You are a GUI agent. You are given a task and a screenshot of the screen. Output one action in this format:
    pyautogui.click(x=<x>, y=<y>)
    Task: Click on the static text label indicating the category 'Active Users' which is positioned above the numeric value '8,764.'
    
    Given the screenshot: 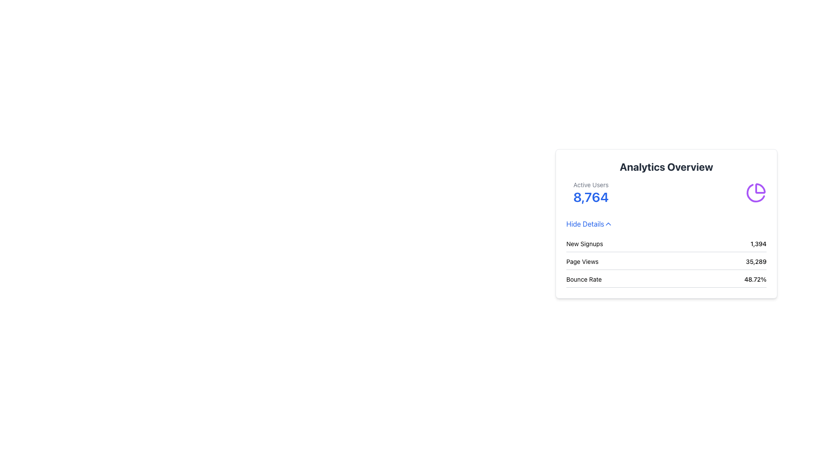 What is the action you would take?
    pyautogui.click(x=590, y=185)
    